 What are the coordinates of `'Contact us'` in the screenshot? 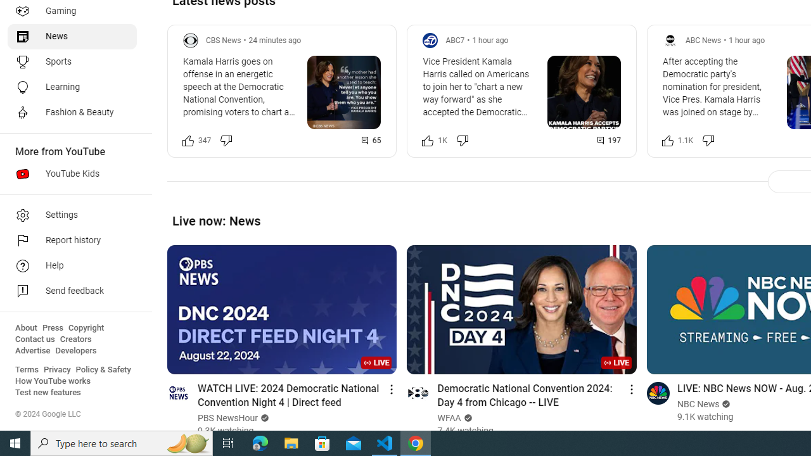 It's located at (35, 339).